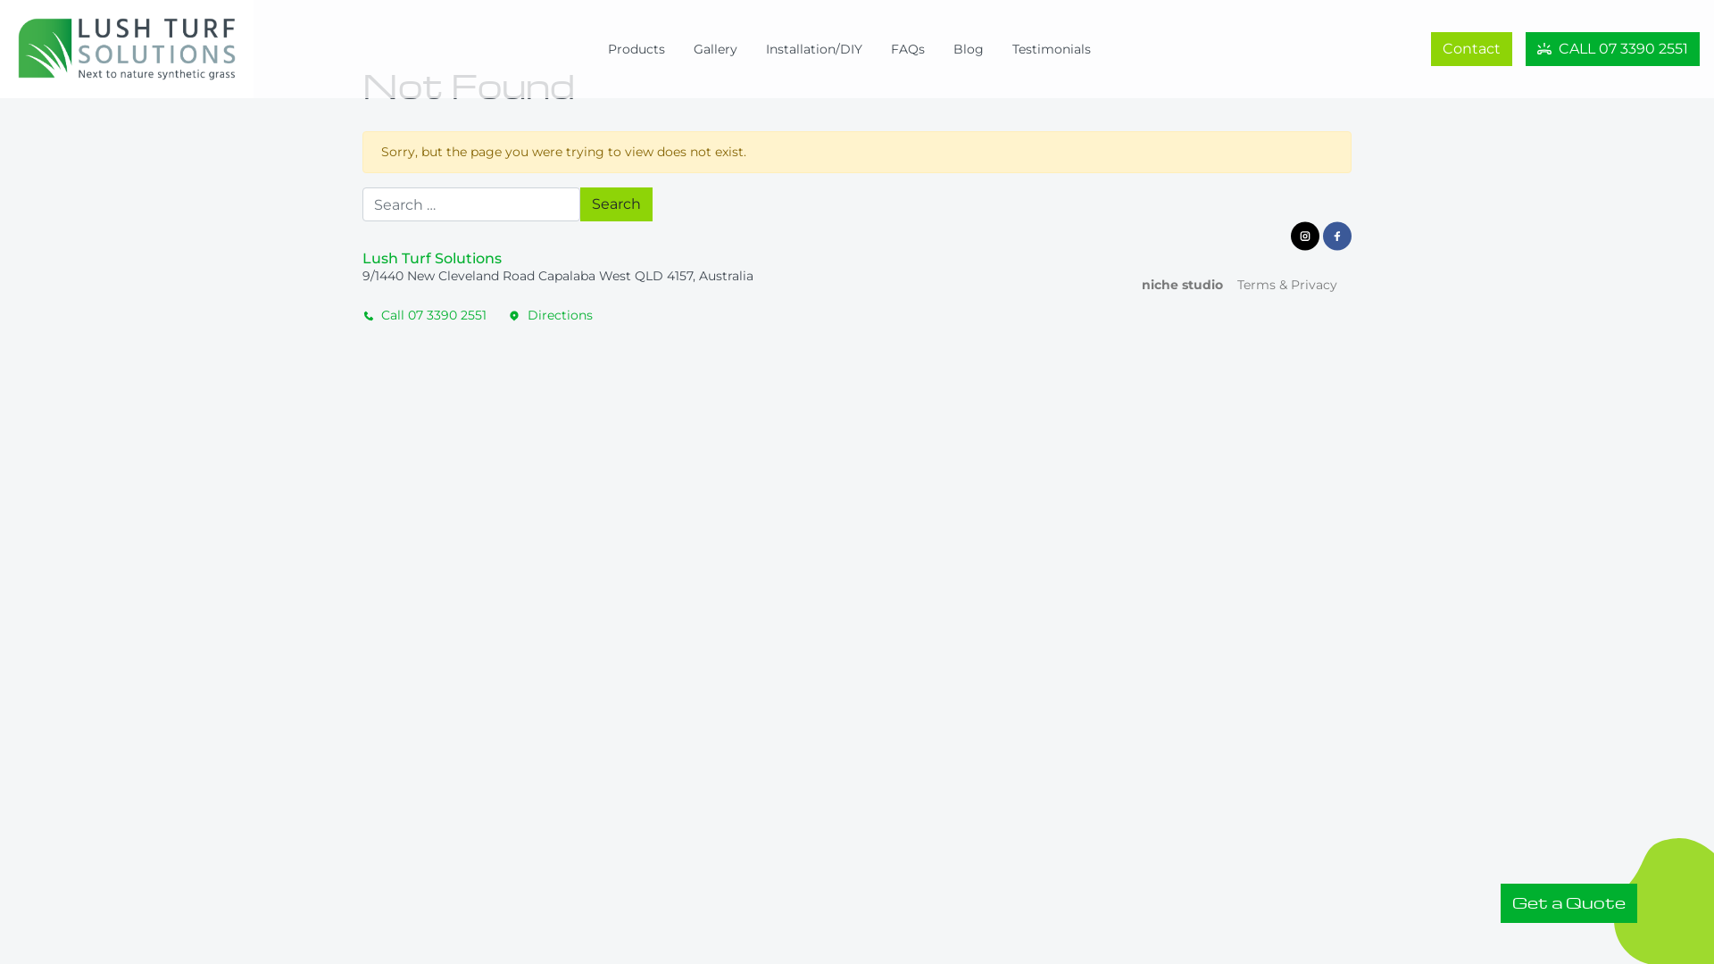  Describe the element at coordinates (1568, 902) in the screenshot. I see `'Get a Quote'` at that location.